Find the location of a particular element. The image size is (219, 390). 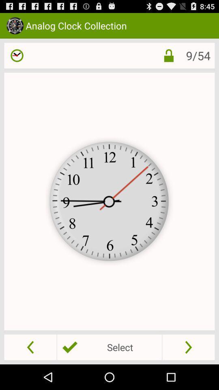

the time icon is located at coordinates (17, 59).